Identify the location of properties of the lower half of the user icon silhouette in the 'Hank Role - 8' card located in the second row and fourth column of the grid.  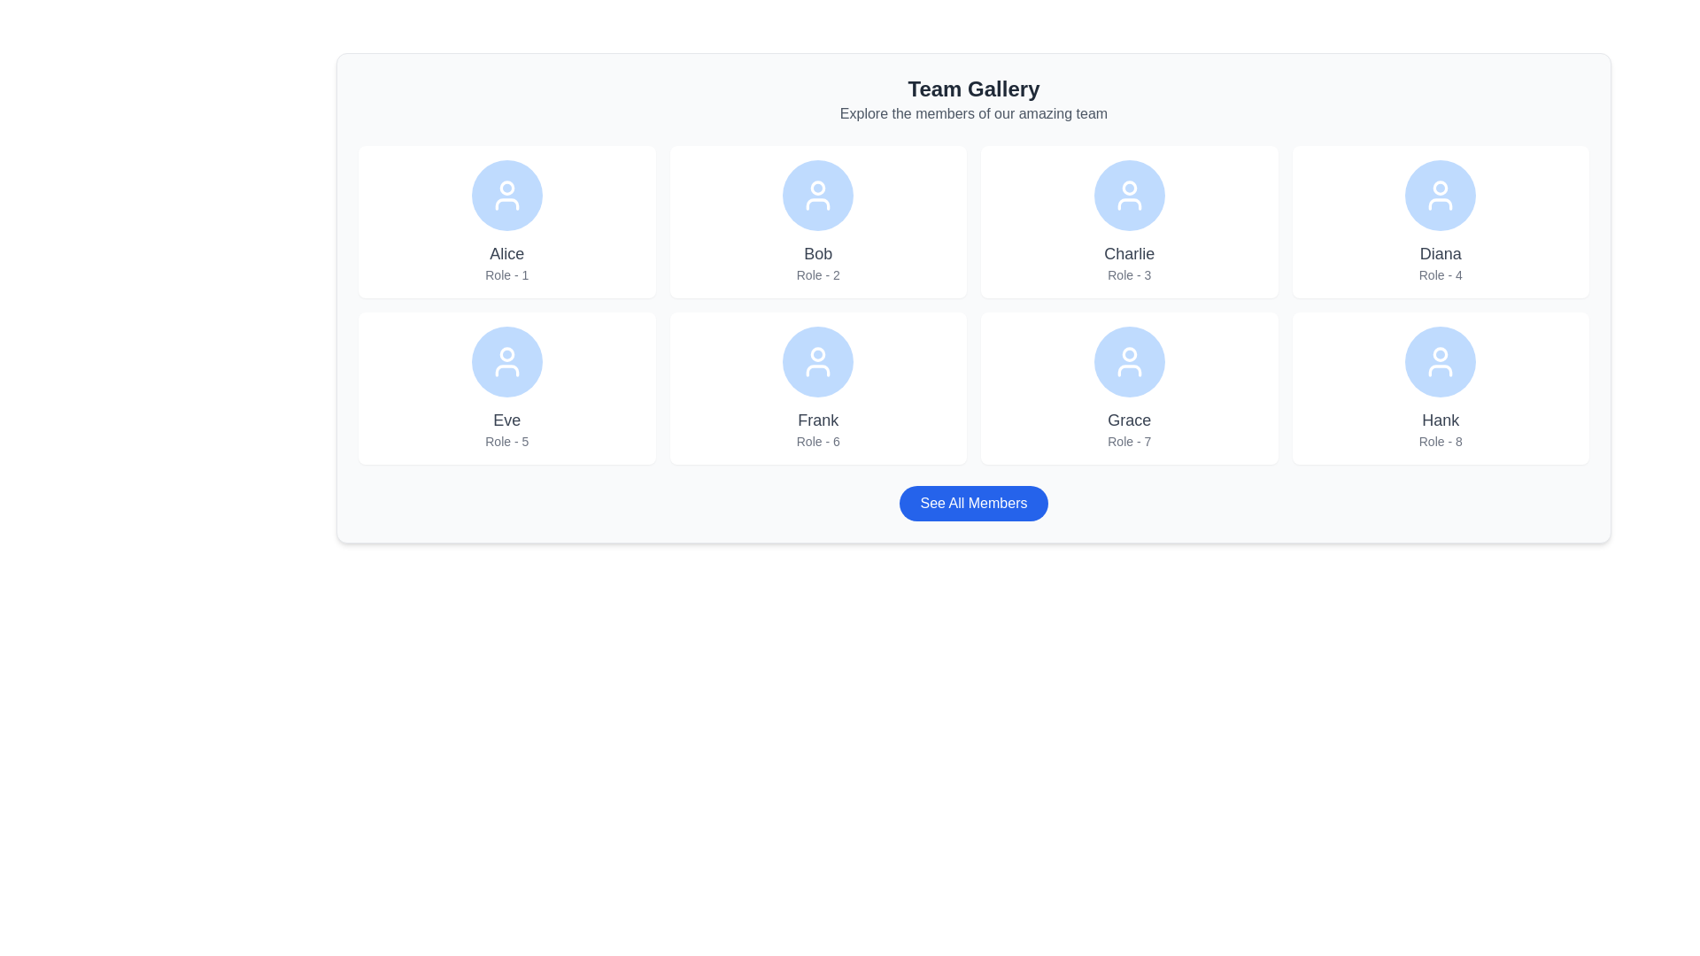
(1441, 370).